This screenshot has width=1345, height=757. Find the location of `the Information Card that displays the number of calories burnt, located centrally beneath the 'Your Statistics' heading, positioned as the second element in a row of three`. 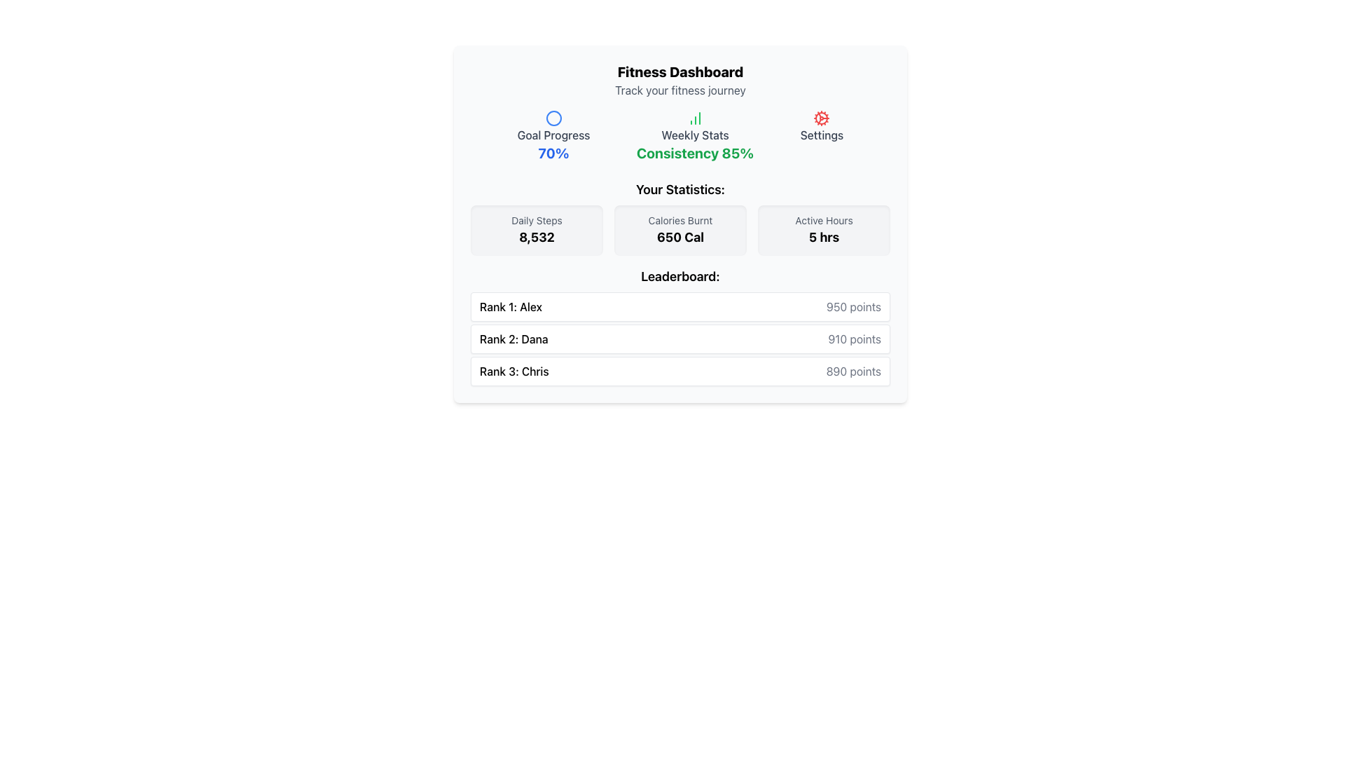

the Information Card that displays the number of calories burnt, located centrally beneath the 'Your Statistics' heading, positioned as the second element in a row of three is located at coordinates (680, 229).